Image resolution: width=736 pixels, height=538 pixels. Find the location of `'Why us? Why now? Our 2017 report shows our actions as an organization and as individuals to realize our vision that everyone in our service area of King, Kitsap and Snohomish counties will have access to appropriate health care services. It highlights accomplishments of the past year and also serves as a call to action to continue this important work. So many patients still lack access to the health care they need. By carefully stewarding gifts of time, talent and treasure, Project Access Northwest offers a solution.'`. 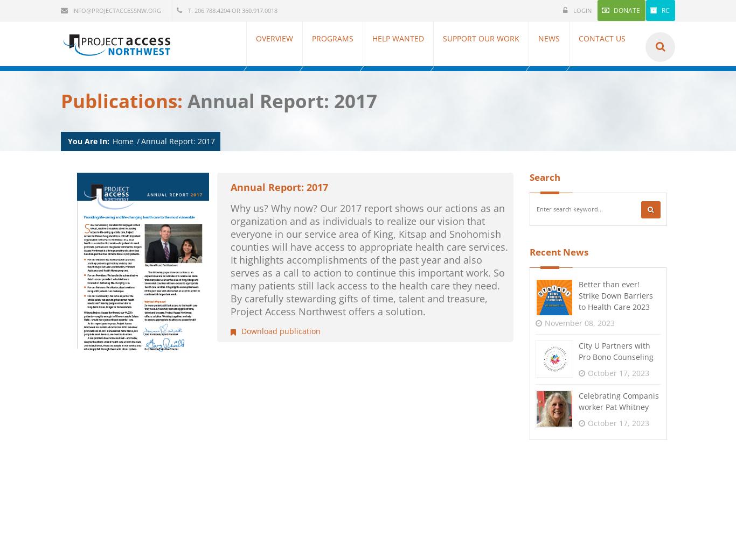

'Why us? Why now? Our 2017 report shows our actions as an organization and as individuals to realize our vision that everyone in our service area of King, Kitsap and Snohomish counties will have access to appropriate health care services. It highlights accomplishments of the past year and also serves as a call to action to continue this important work. So many patients still lack access to the health care they need. By carefully stewarding gifts of time, talent and treasure, Project Access Northwest offers a solution.' is located at coordinates (369, 259).